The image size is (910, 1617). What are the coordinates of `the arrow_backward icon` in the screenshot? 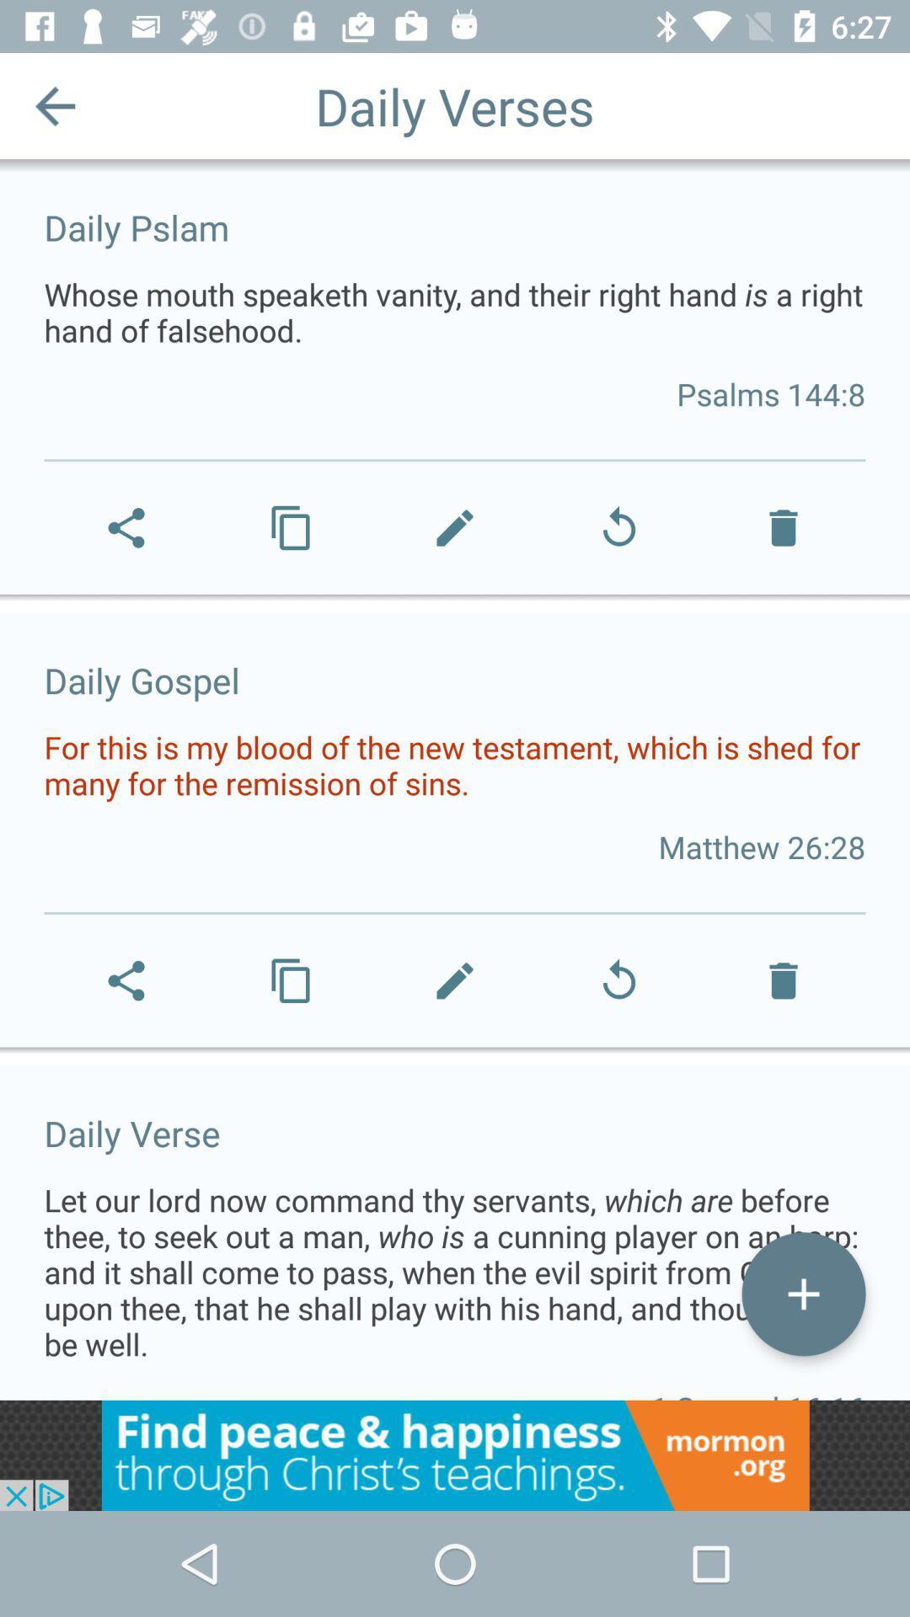 It's located at (54, 104).